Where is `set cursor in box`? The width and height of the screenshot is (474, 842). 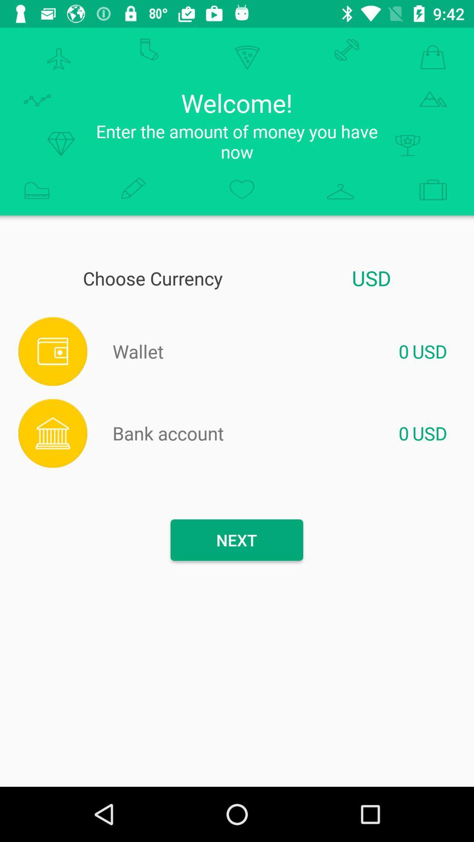
set cursor in box is located at coordinates (286, 351).